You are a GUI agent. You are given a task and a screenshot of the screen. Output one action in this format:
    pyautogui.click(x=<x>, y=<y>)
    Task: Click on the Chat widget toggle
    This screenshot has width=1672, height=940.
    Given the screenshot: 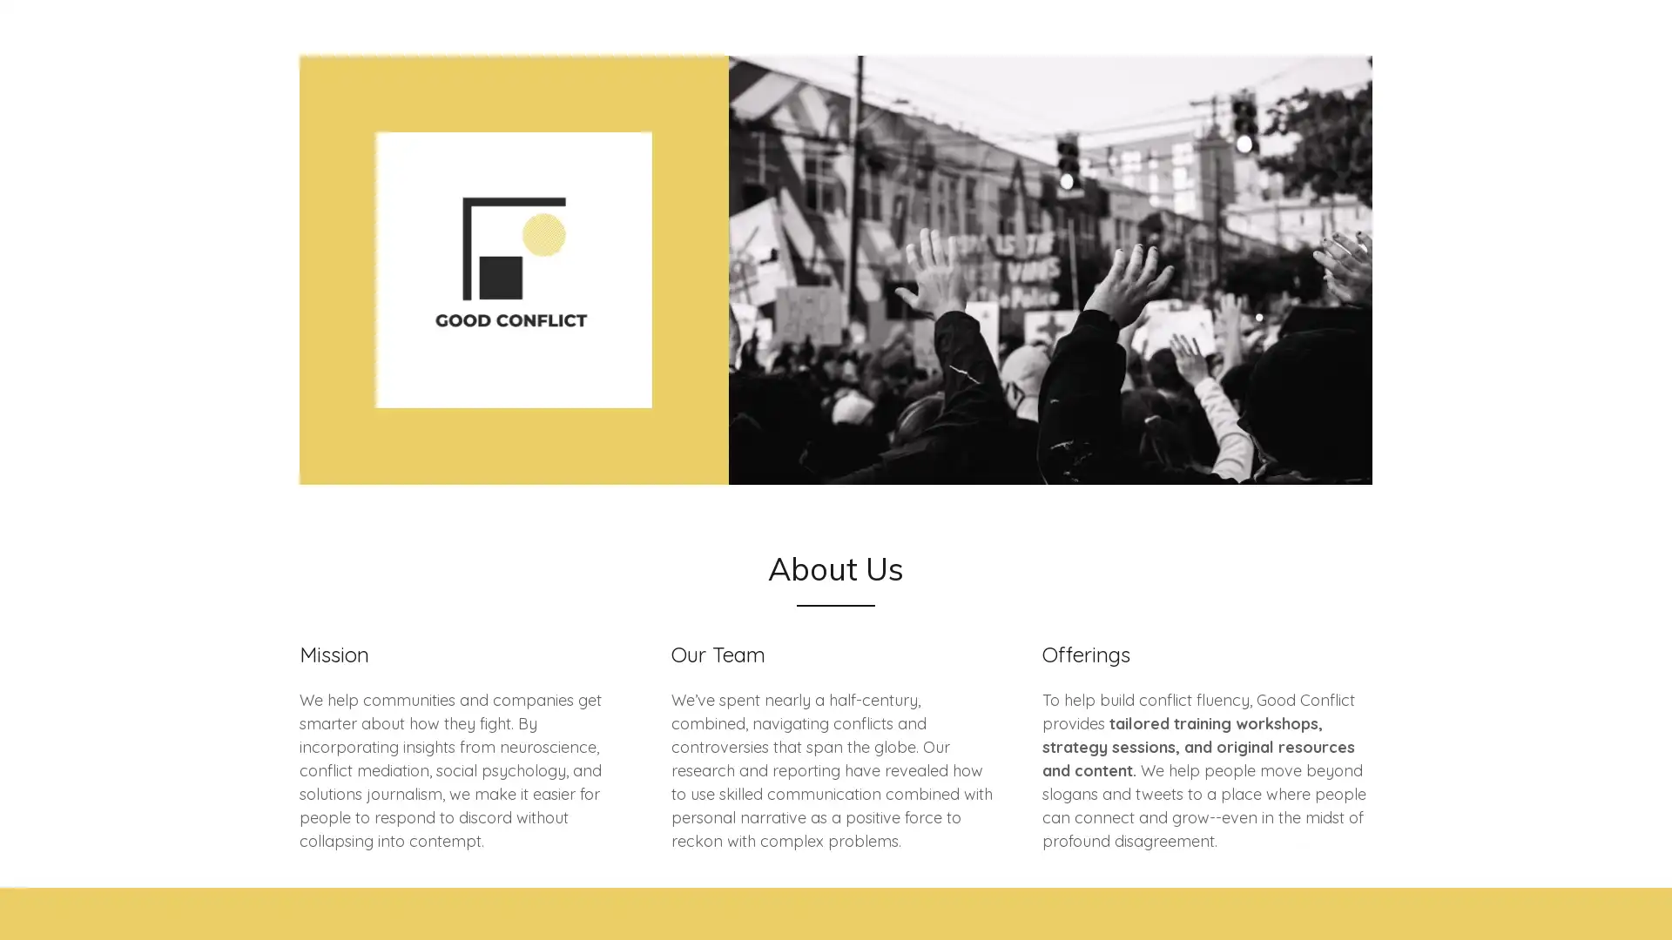 What is the action you would take?
    pyautogui.click(x=1626, y=896)
    